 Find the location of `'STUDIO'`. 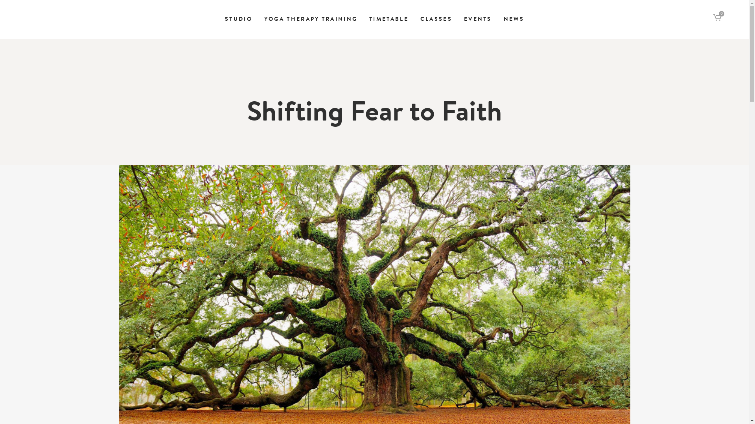

'STUDIO' is located at coordinates (238, 19).